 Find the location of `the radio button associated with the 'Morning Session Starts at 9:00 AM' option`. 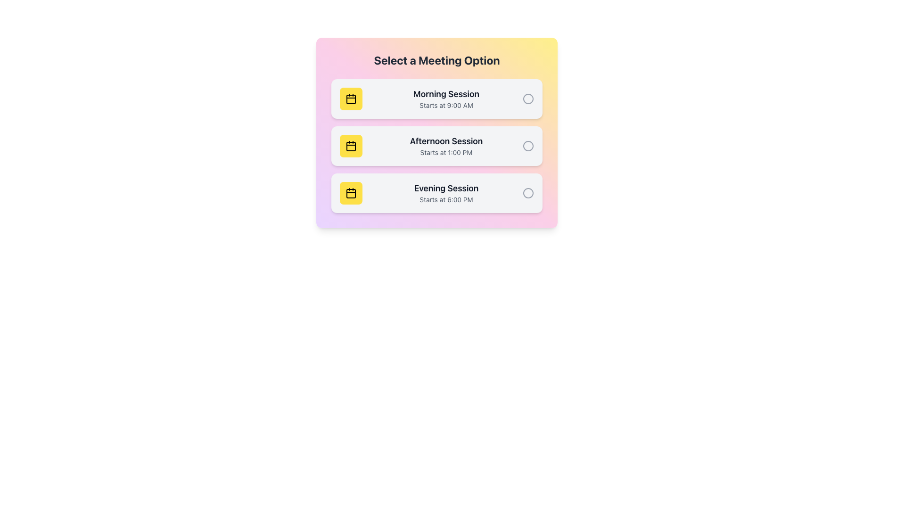

the radio button associated with the 'Morning Session Starts at 9:00 AM' option is located at coordinates (528, 99).